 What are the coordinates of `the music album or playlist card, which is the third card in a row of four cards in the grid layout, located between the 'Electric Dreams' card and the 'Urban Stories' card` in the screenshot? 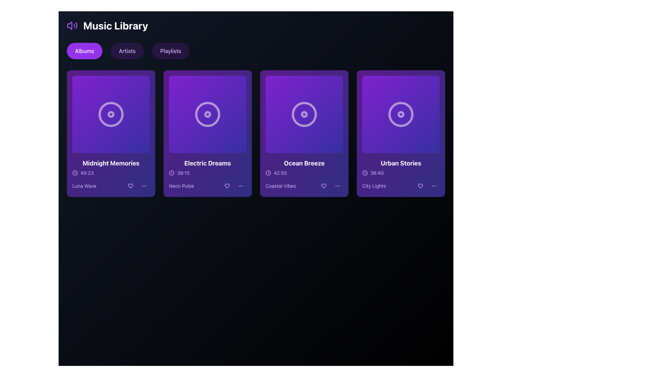 It's located at (304, 133).